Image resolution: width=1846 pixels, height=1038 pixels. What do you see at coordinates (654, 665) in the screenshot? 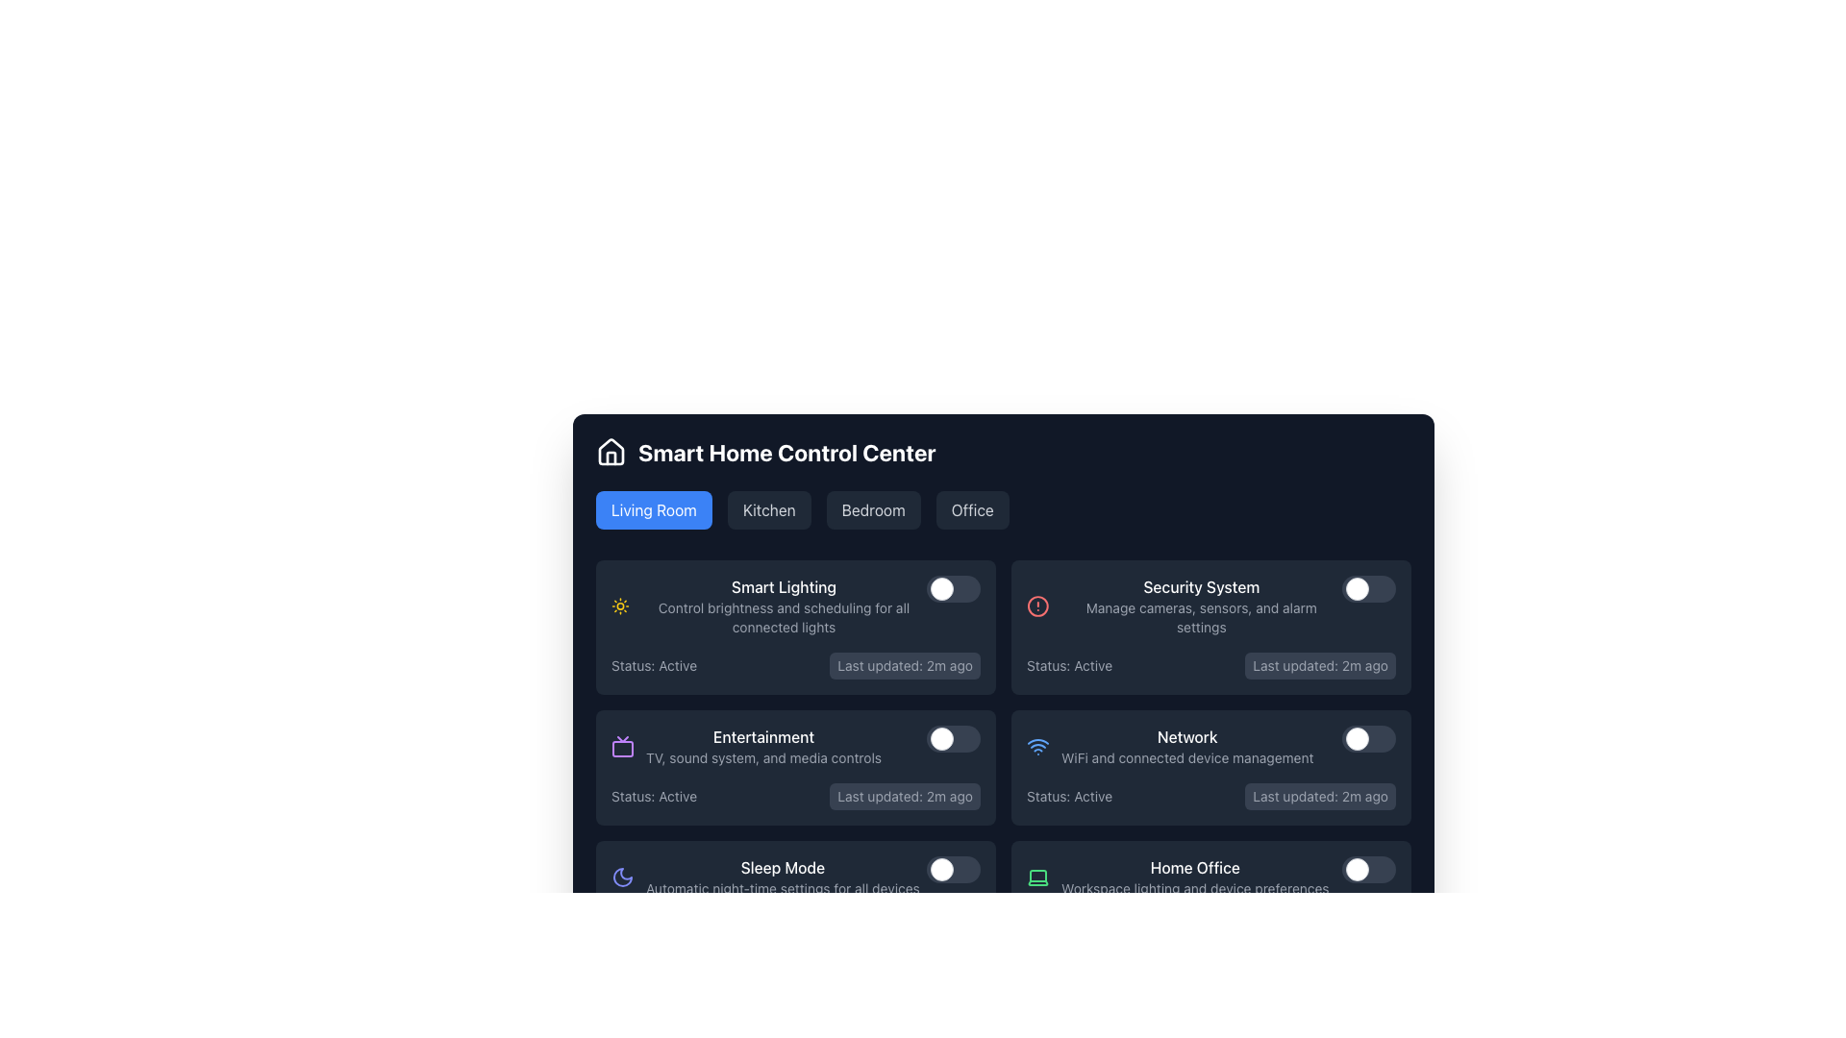
I see `the 'Active' status indicator text label located in the 'Smart Lighting' section, which is situated below the main description and above the 'Last updated: 2m ago' timestamp` at bounding box center [654, 665].